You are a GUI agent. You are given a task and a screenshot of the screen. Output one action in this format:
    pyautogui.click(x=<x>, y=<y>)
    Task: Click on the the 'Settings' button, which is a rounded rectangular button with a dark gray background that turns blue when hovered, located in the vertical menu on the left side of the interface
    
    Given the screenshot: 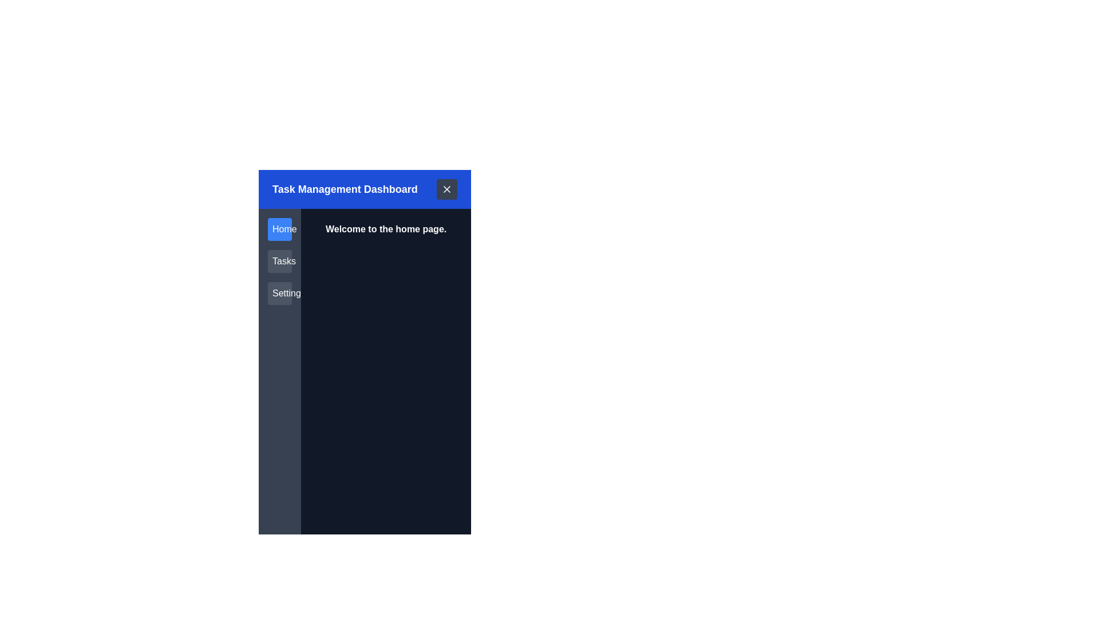 What is the action you would take?
    pyautogui.click(x=280, y=293)
    